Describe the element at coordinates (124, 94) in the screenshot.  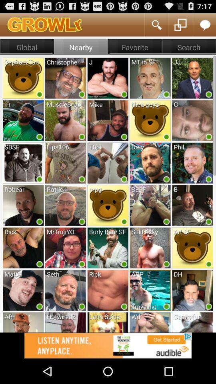
I see `the green color button in the first row third image` at that location.